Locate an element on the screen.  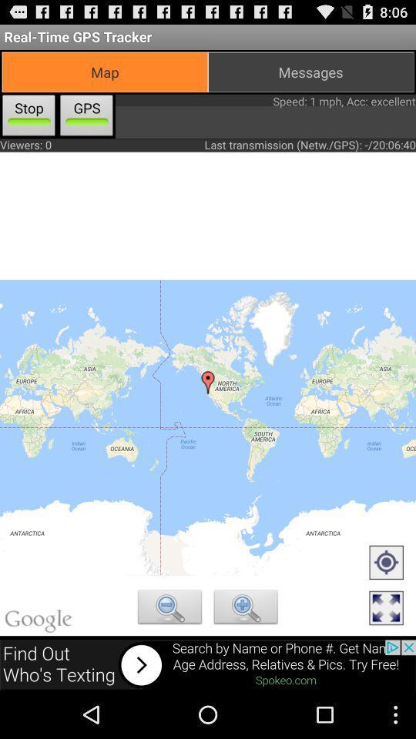
zoom out is located at coordinates (169, 609).